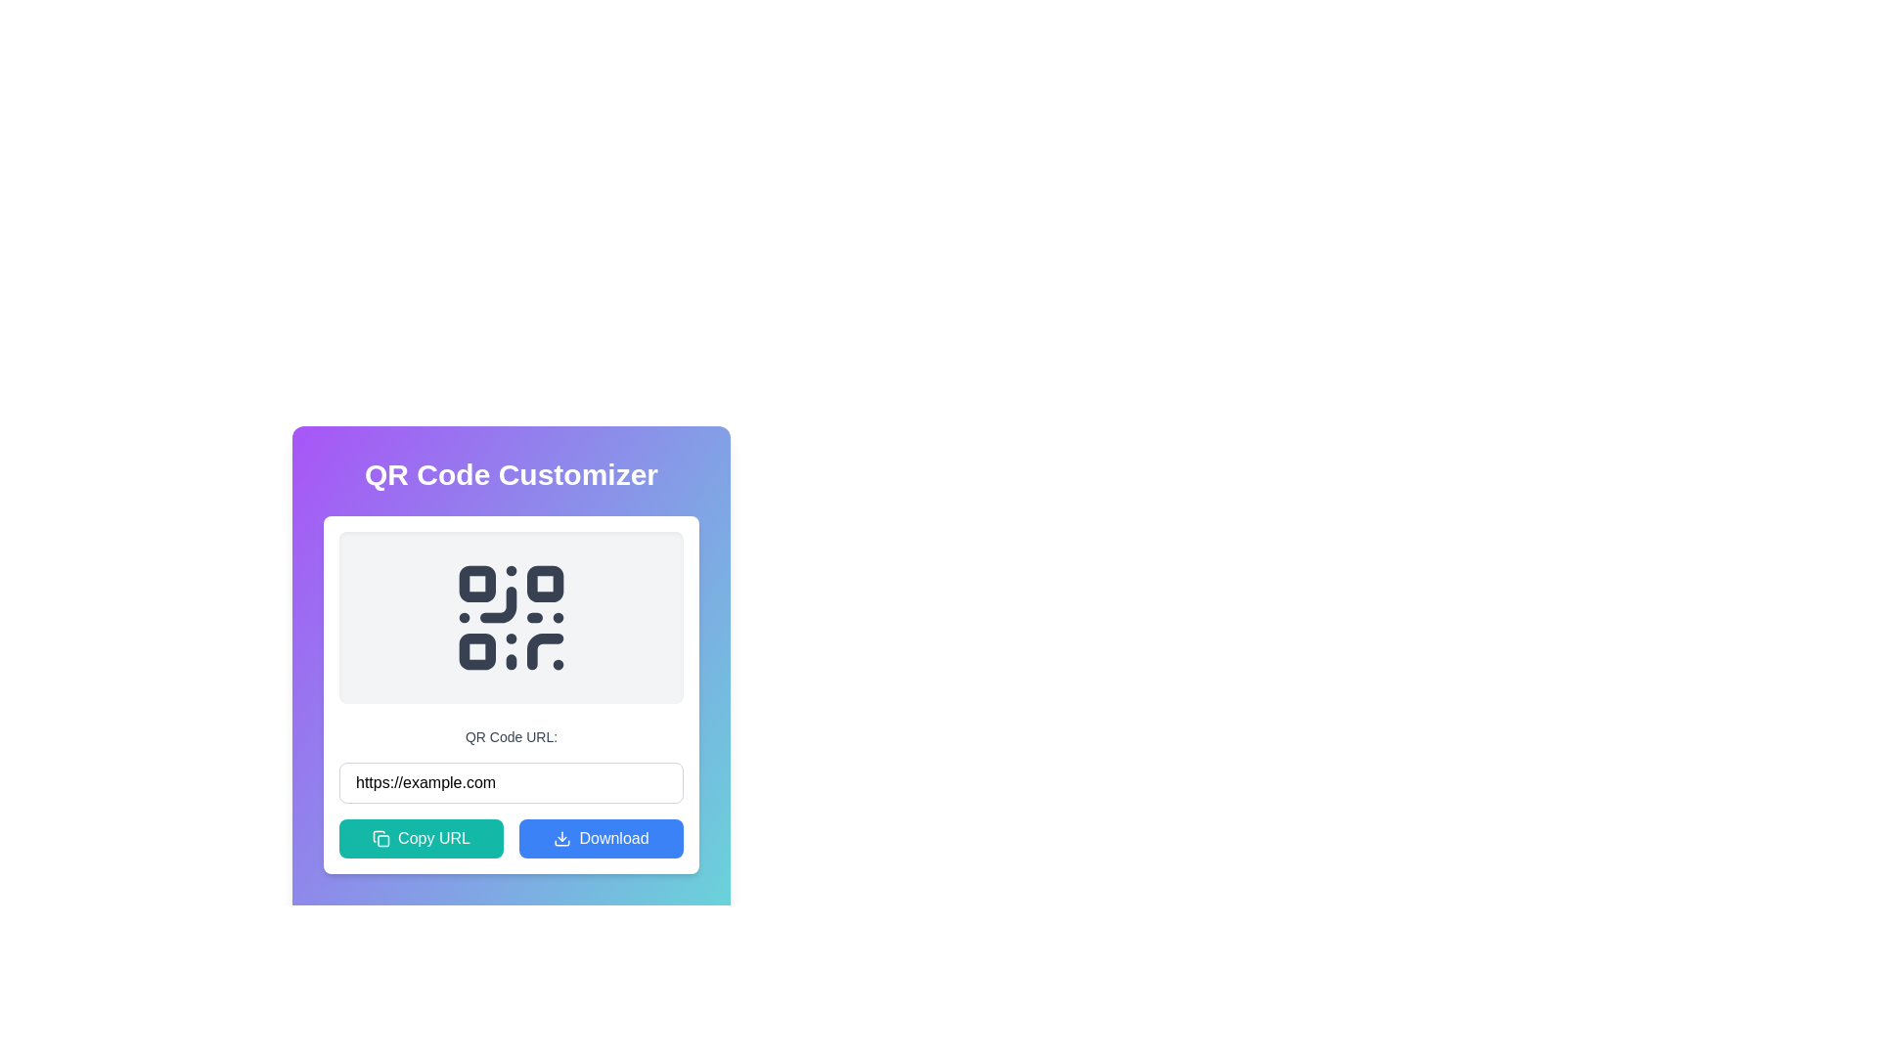  Describe the element at coordinates (512, 618) in the screenshot. I see `and scan the QR code represented by the graphic element located beneath the header text 'QR Code Customizer'` at that location.